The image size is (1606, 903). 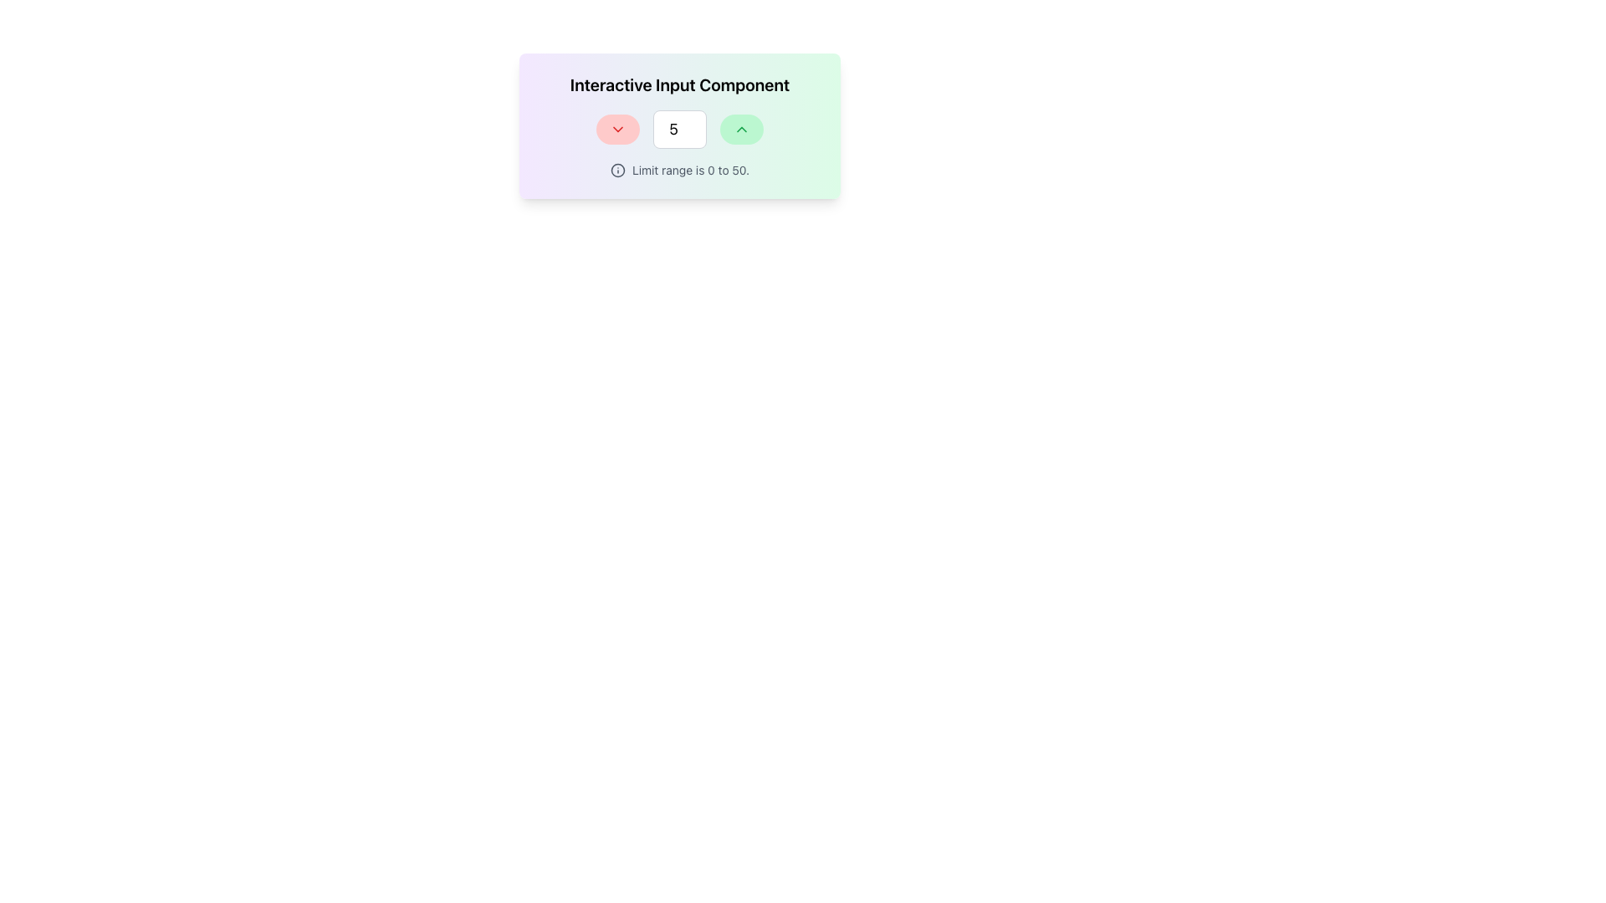 I want to click on the informational text label that provides the valid range (0 to 50) located at the bottom of the 'Interactive Input Component' area, so click(x=679, y=171).